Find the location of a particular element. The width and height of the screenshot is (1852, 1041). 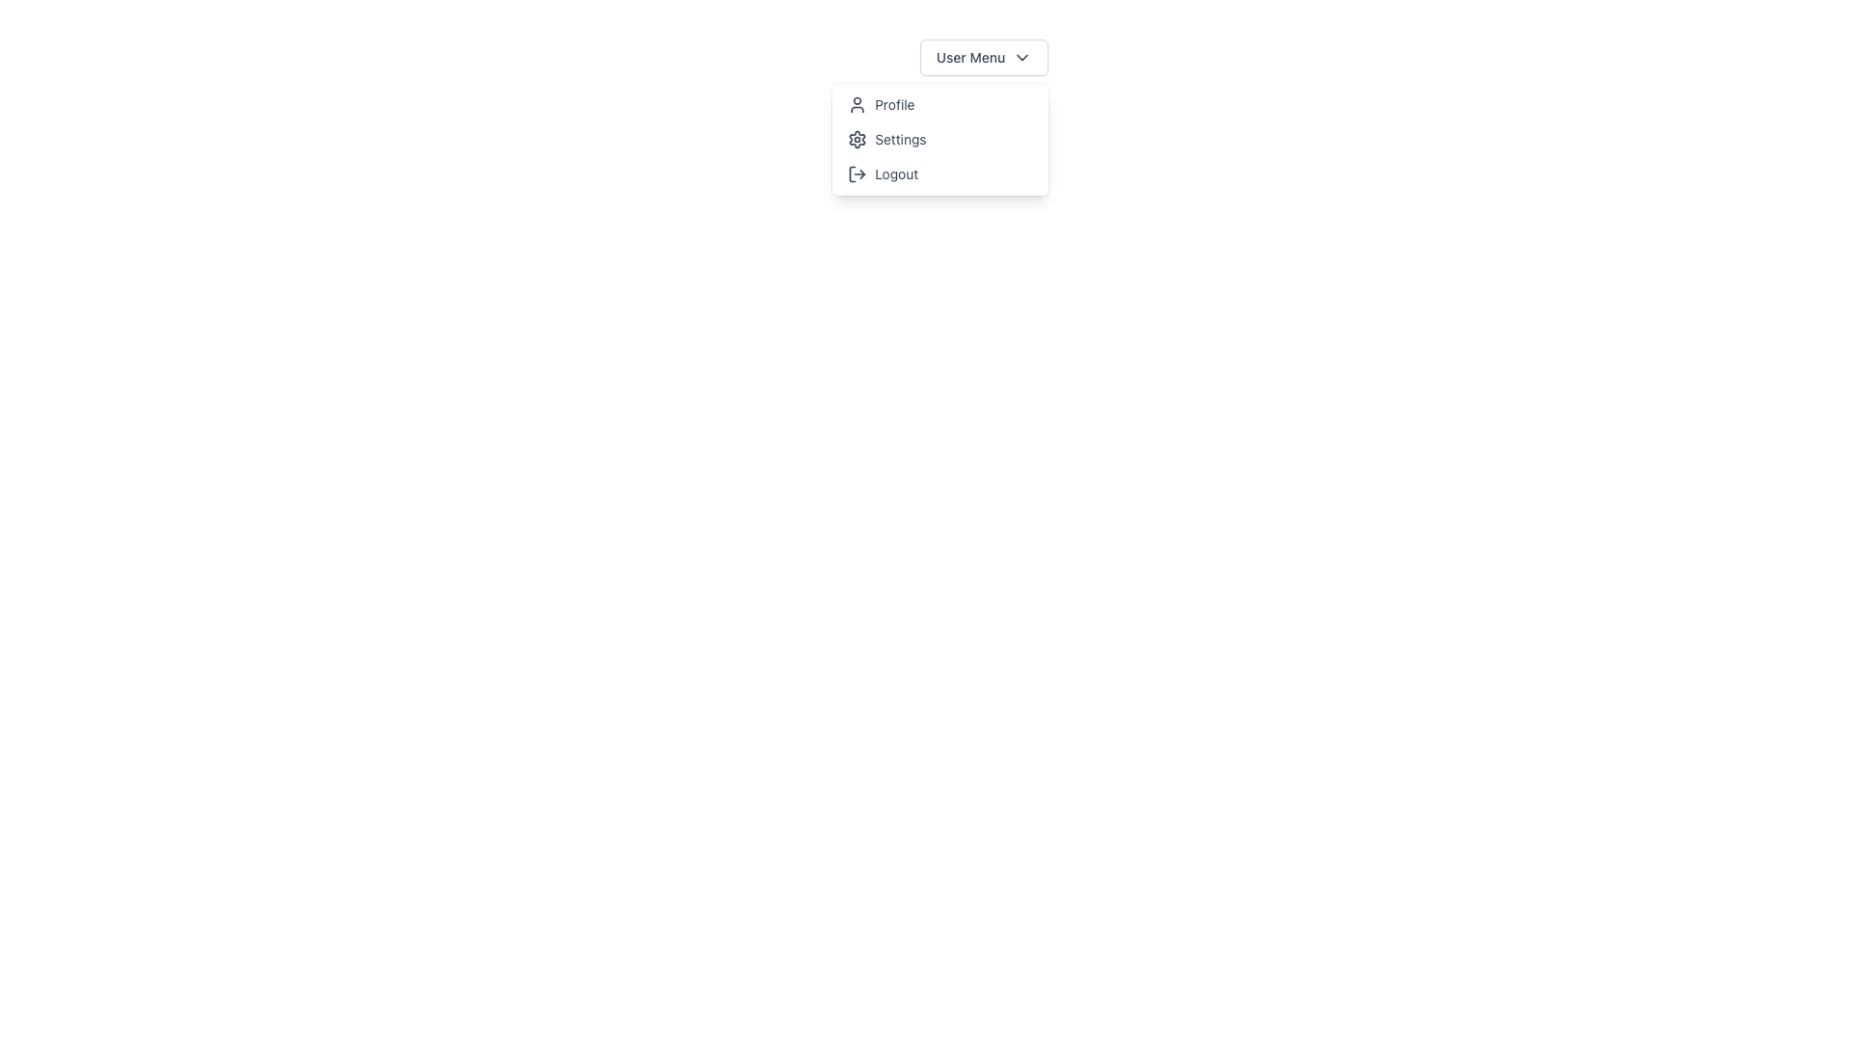

the cogwheel-like icon representing settings in the dropdown menu is located at coordinates (857, 139).